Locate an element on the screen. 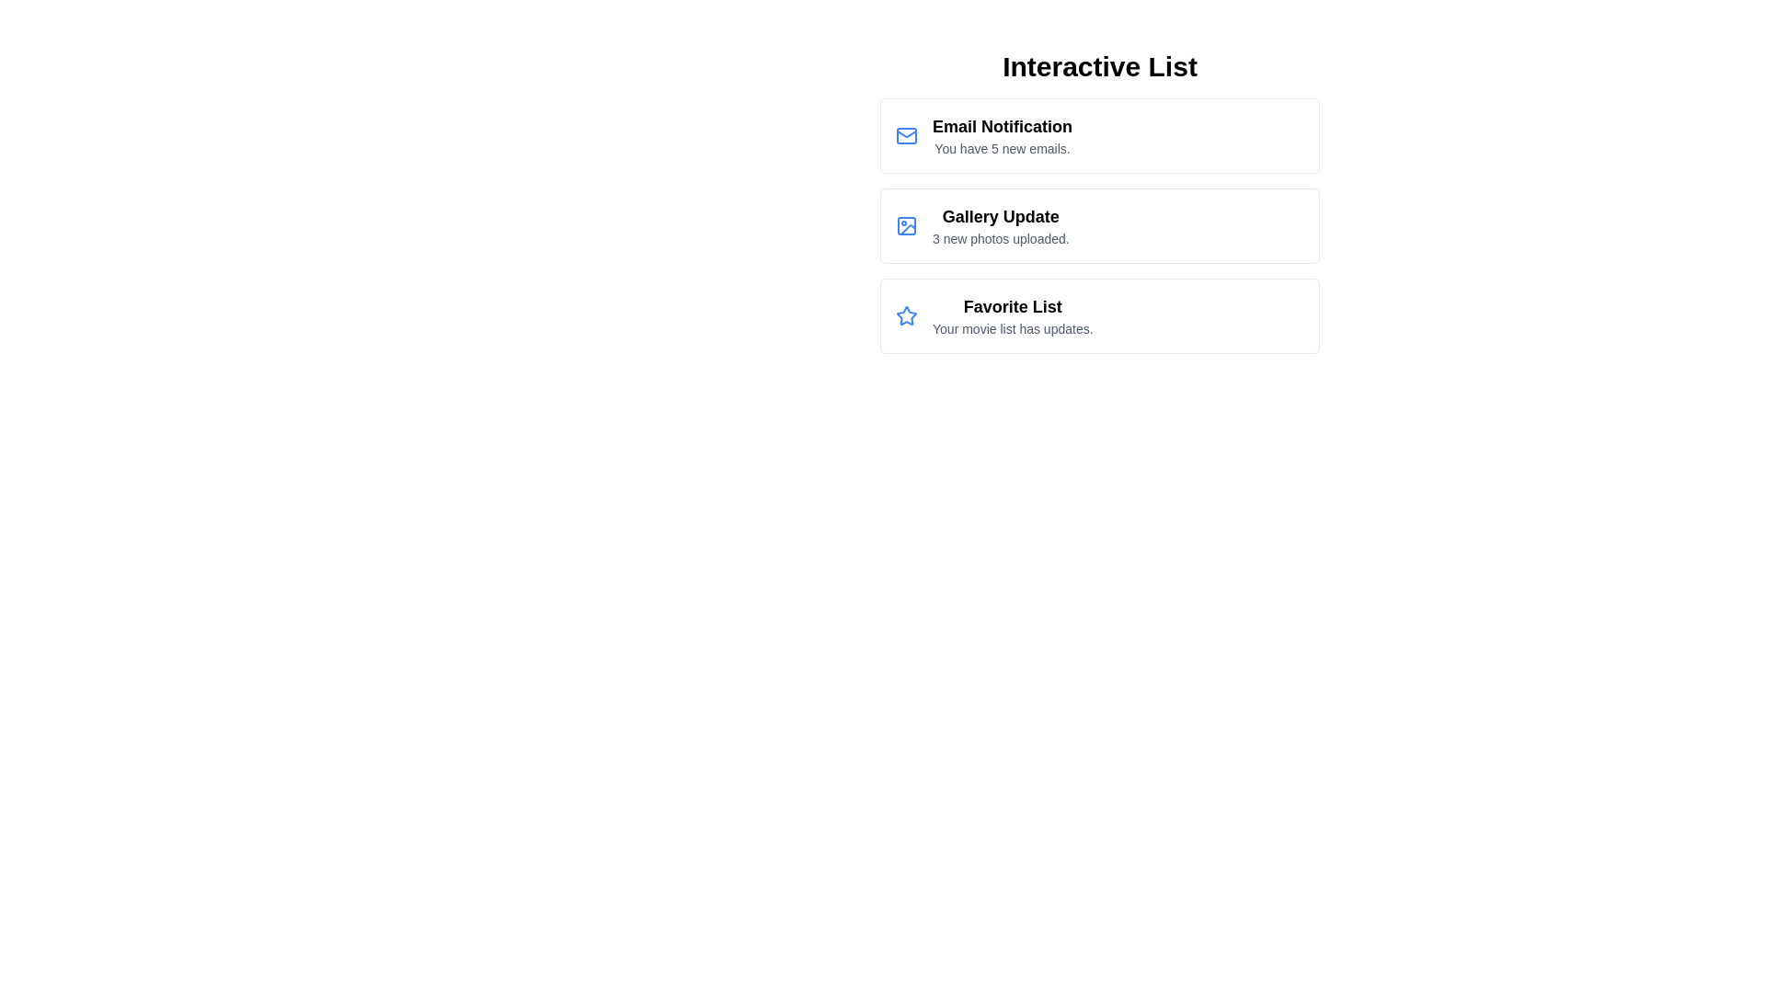  the icon corresponding to Email Notification in the list is located at coordinates (906, 134).